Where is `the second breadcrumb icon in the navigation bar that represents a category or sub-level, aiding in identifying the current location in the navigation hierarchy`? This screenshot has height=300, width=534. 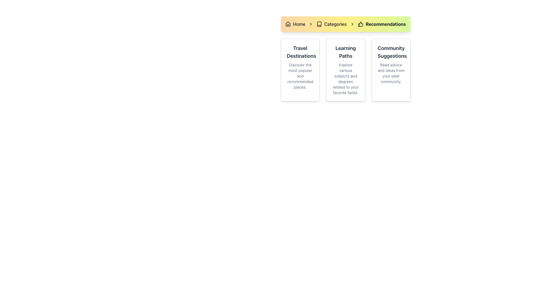 the second breadcrumb icon in the navigation bar that represents a category or sub-level, aiding in identifying the current location in the navigation hierarchy is located at coordinates (319, 24).